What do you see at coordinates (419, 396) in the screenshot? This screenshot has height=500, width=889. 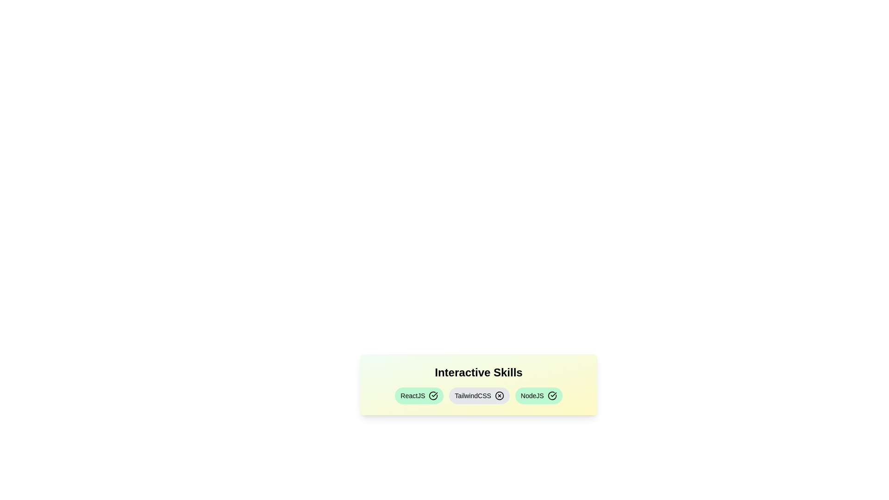 I see `the chip labeled ReactJS` at bounding box center [419, 396].